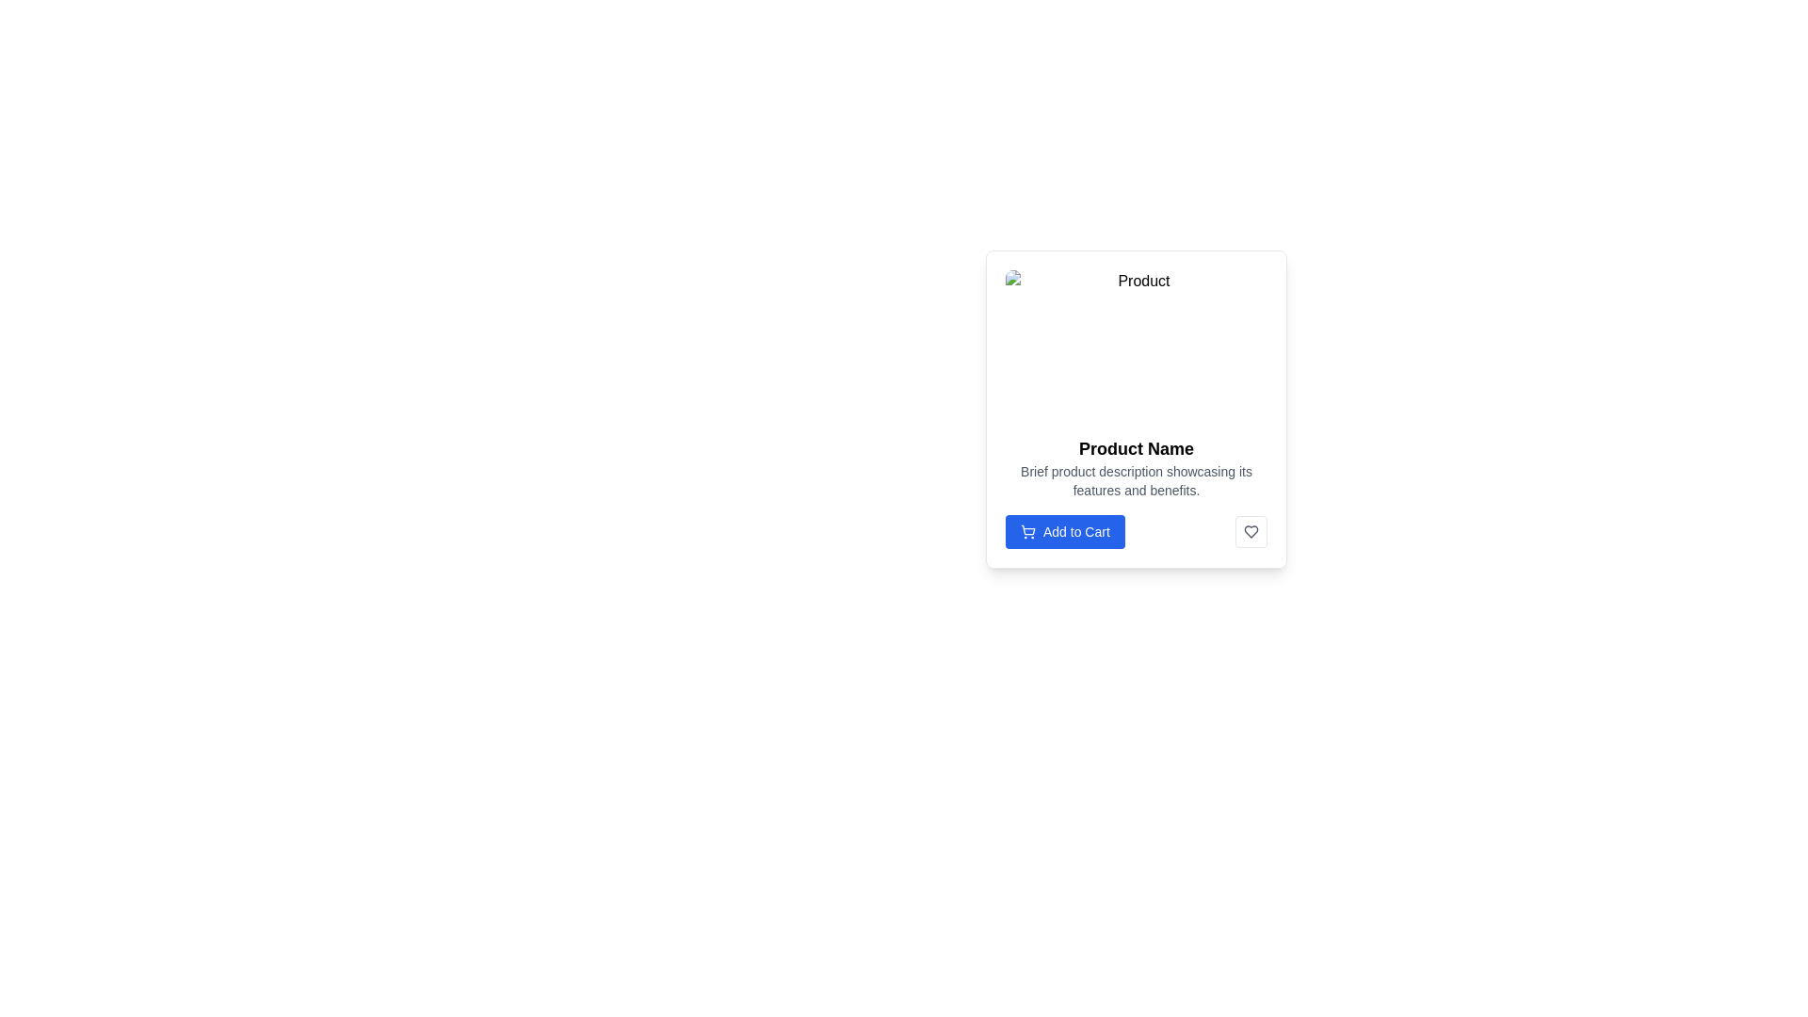  What do you see at coordinates (1135, 345) in the screenshot?
I see `the product image element` at bounding box center [1135, 345].